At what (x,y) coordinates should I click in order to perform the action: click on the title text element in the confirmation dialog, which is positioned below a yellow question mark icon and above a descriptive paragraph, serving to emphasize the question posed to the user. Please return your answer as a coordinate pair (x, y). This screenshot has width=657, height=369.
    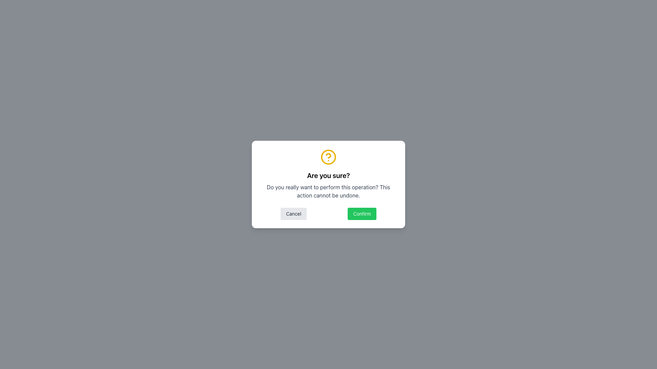
    Looking at the image, I should click on (328, 175).